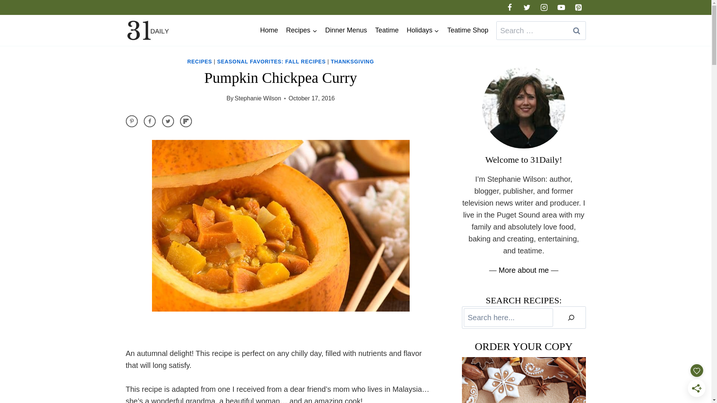 The height and width of the screenshot is (403, 717). Describe the element at coordinates (269, 30) in the screenshot. I see `'Home'` at that location.